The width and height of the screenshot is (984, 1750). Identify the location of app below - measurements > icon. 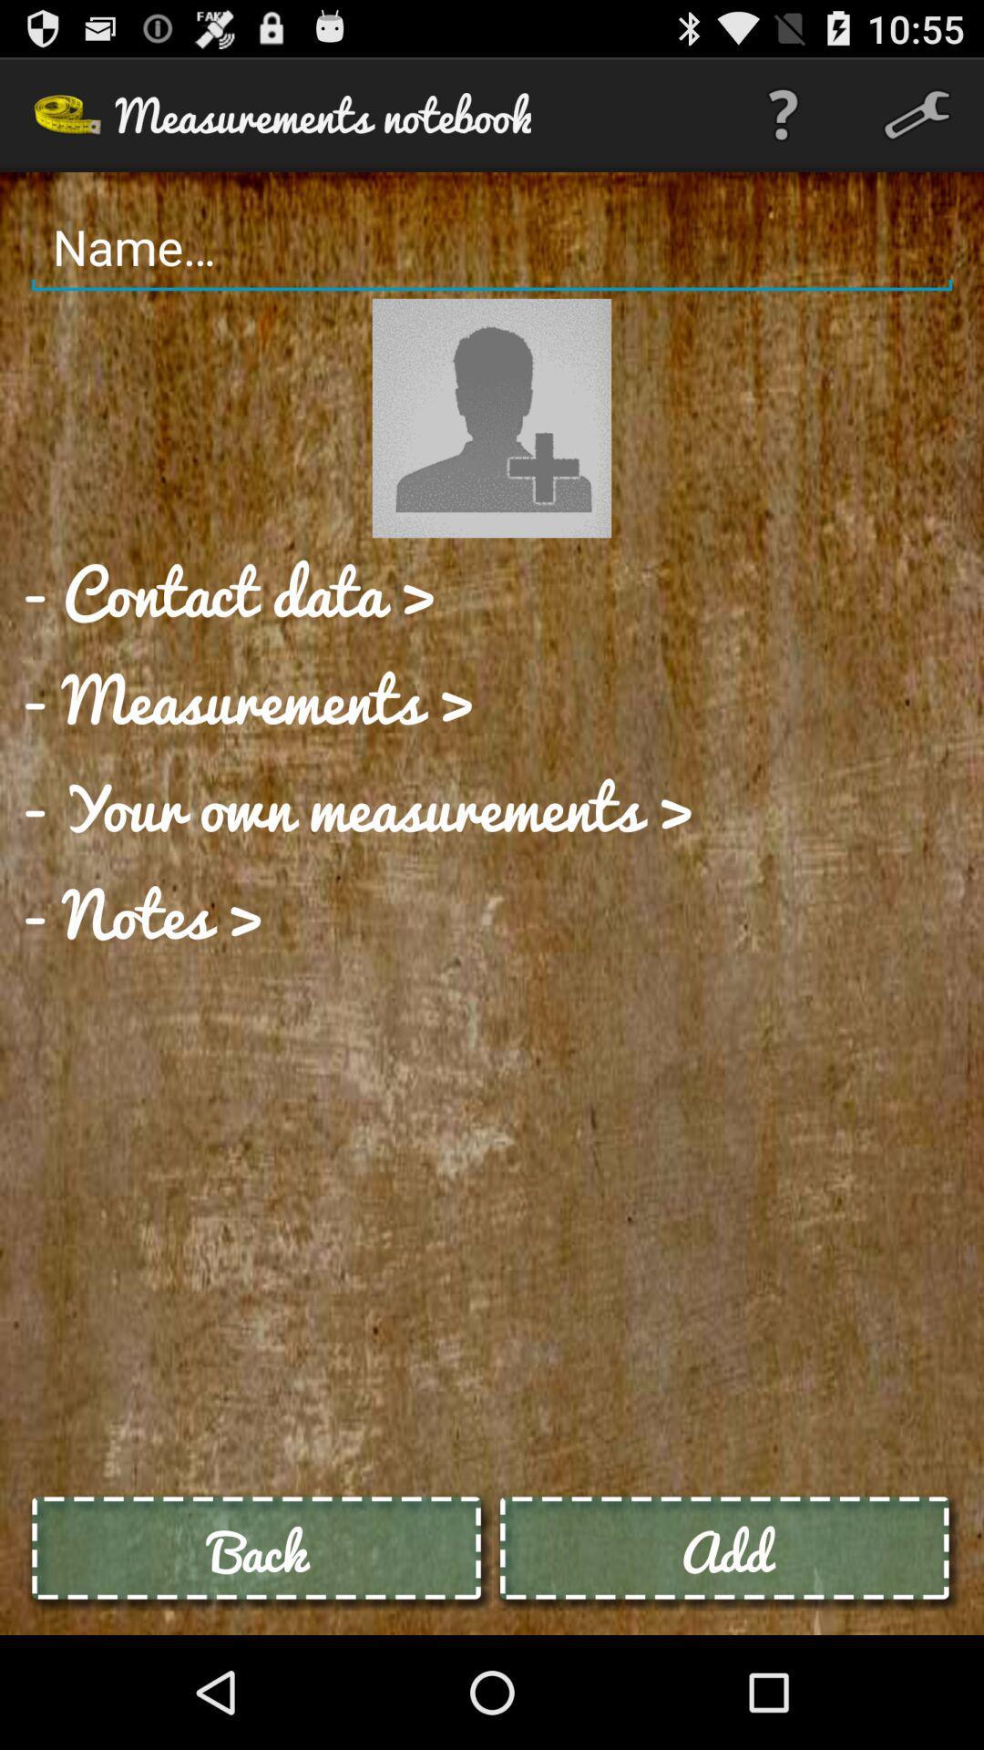
(358, 805).